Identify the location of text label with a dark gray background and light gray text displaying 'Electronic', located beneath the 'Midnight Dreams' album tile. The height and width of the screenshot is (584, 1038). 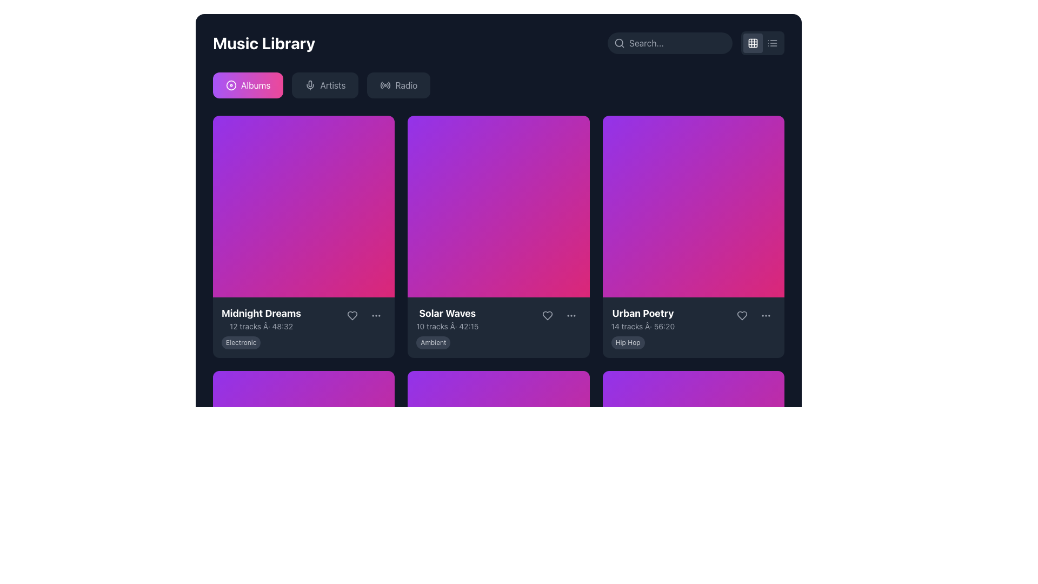
(241, 343).